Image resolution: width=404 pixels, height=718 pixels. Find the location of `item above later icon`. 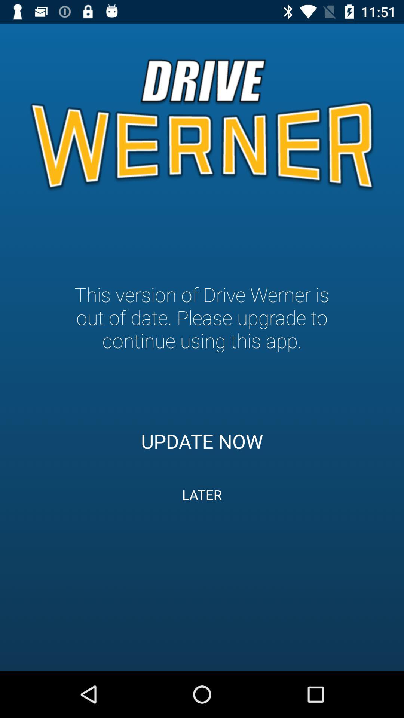

item above later icon is located at coordinates (202, 441).